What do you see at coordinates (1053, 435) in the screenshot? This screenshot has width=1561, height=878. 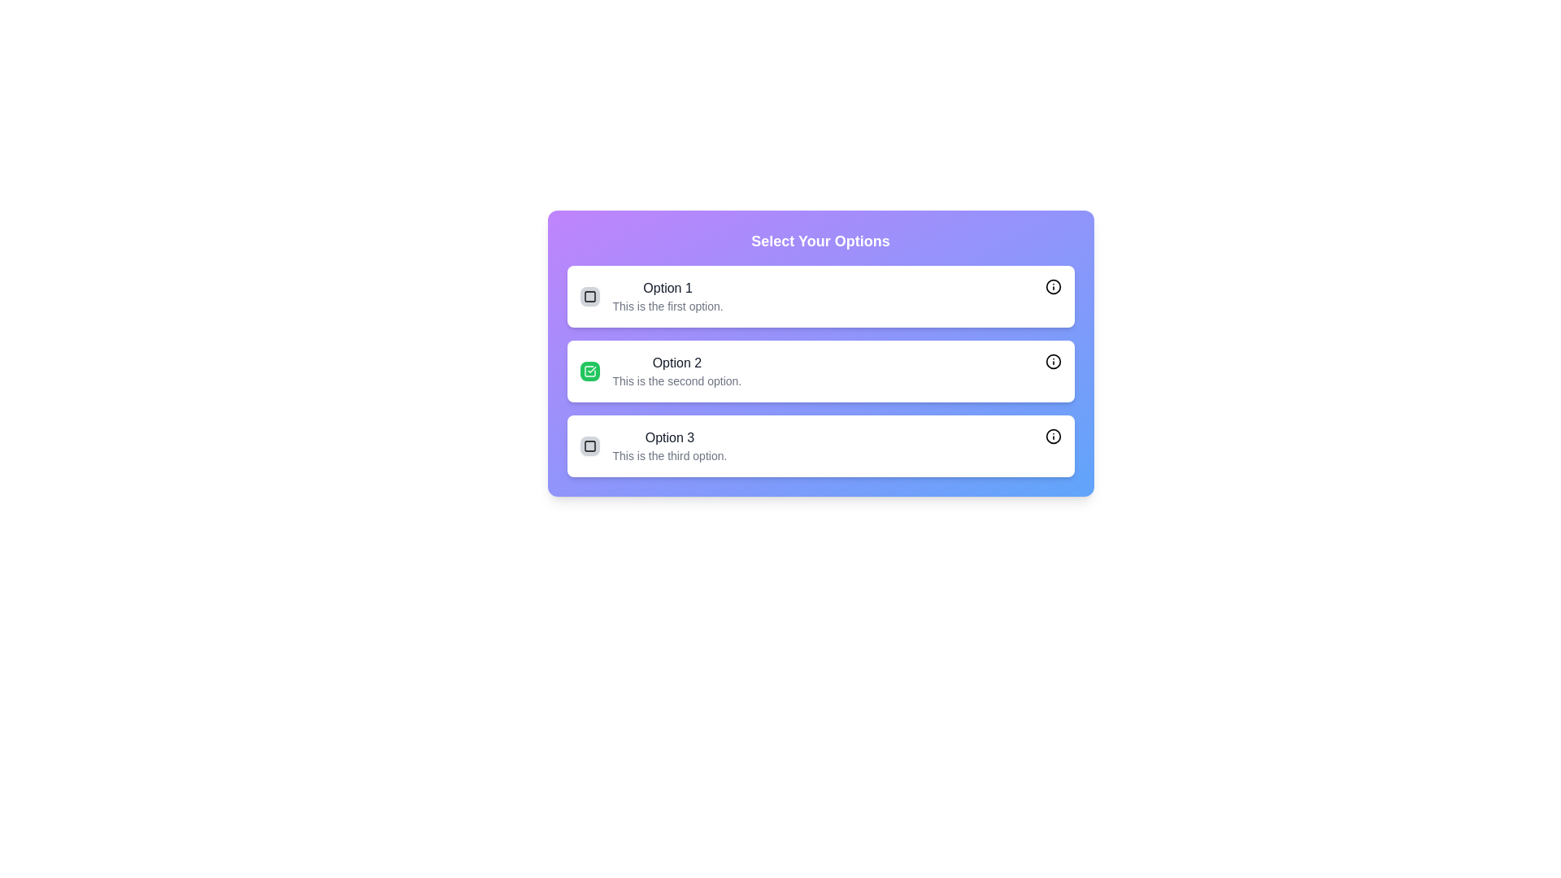 I see `the circle graphical element with a black outline and a diameter of approximately 20 units, located adjacent to the descriptive text 'Option 3'` at bounding box center [1053, 435].